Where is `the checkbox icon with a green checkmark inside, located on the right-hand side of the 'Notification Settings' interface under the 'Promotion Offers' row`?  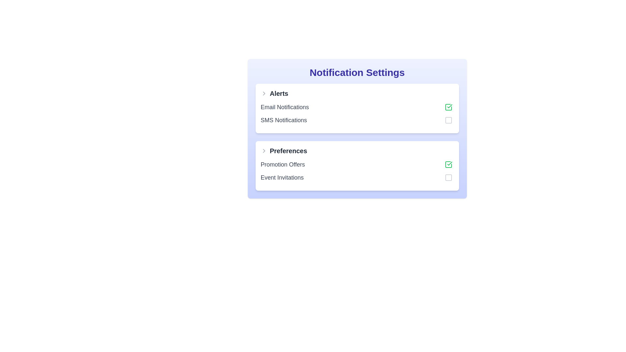
the checkbox icon with a green checkmark inside, located on the right-hand side of the 'Notification Settings' interface under the 'Promotion Offers' row is located at coordinates (448, 164).